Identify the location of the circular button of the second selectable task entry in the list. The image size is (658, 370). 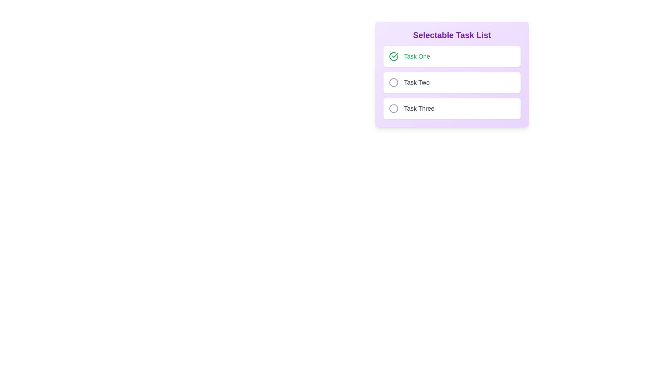
(409, 82).